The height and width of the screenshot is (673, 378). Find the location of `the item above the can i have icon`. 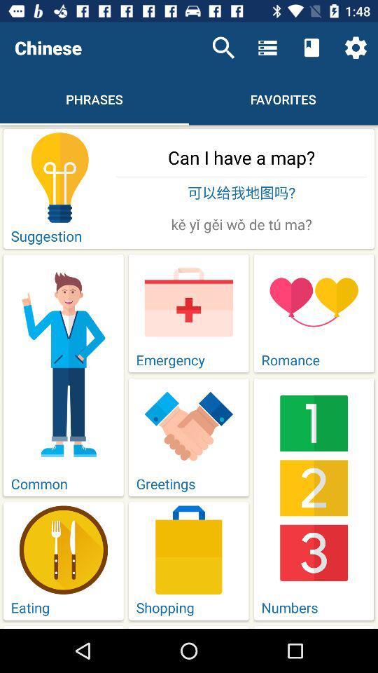

the item above the can i have icon is located at coordinates (356, 48).